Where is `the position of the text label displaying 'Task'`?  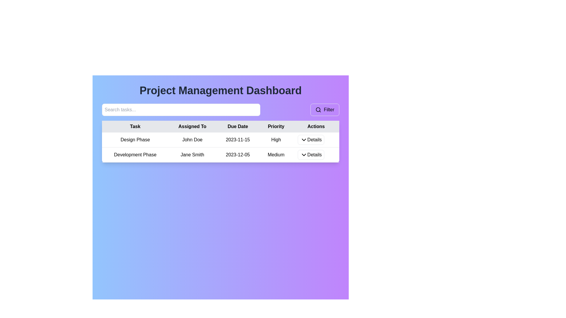
the position of the text label displaying 'Task' is located at coordinates (135, 126).